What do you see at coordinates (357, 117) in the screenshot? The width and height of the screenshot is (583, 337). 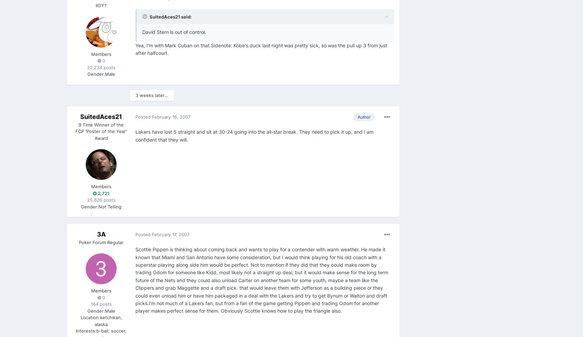 I see `'Author'` at bounding box center [357, 117].